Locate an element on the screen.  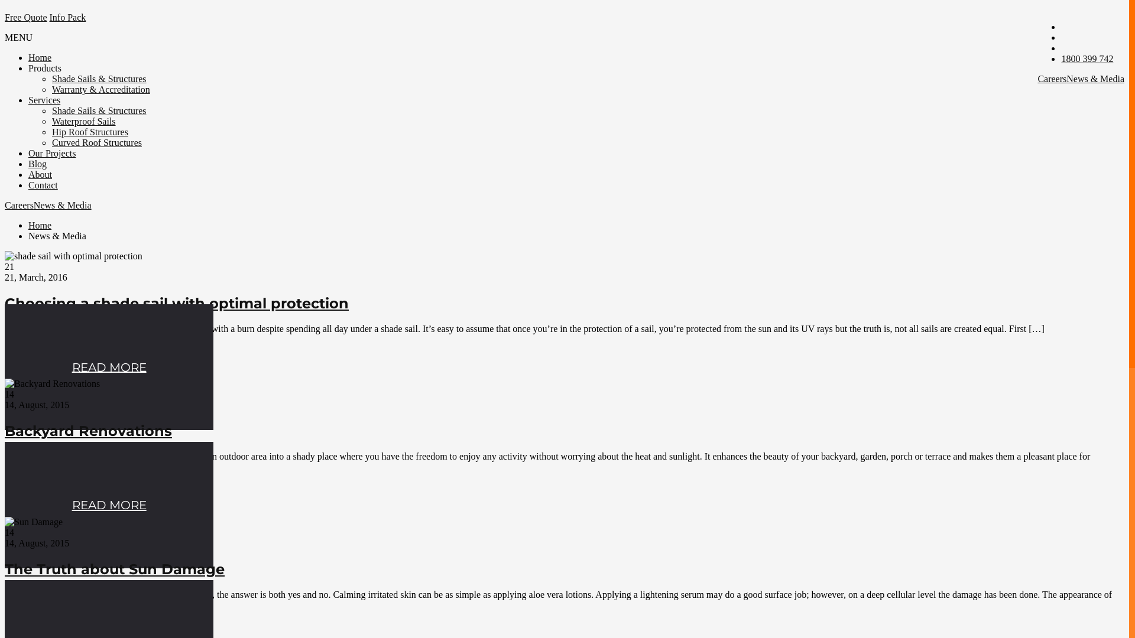
'Shade Sails & Structures' is located at coordinates (99, 110).